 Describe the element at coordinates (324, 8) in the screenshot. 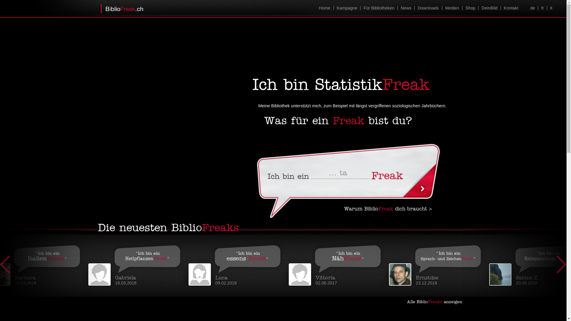

I see `'Home'` at that location.